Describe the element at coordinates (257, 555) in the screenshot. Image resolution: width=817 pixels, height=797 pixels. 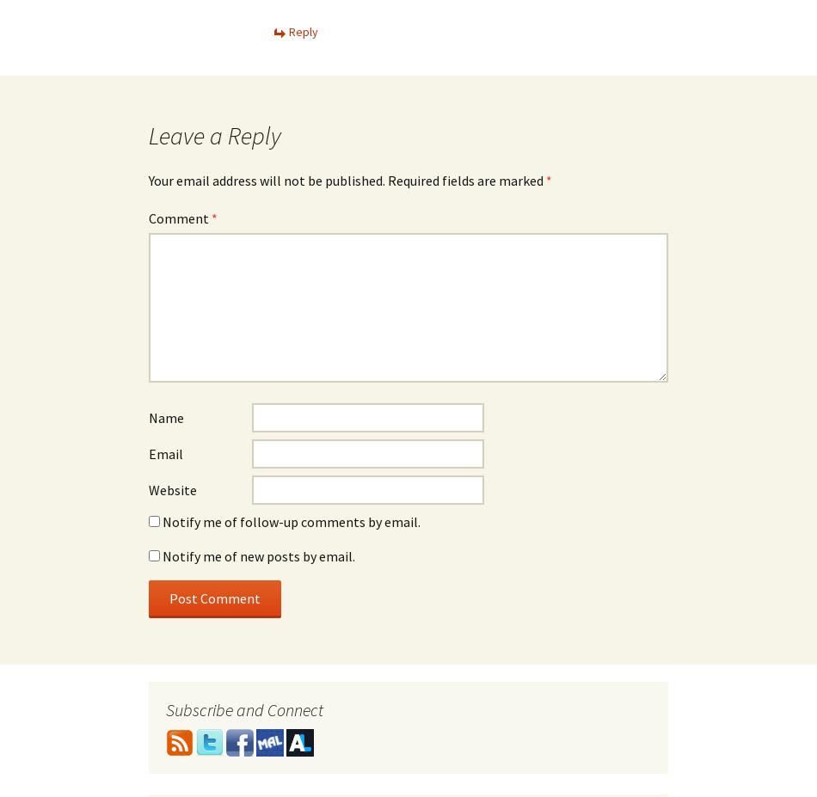
I see `'Notify me of new posts by email.'` at that location.